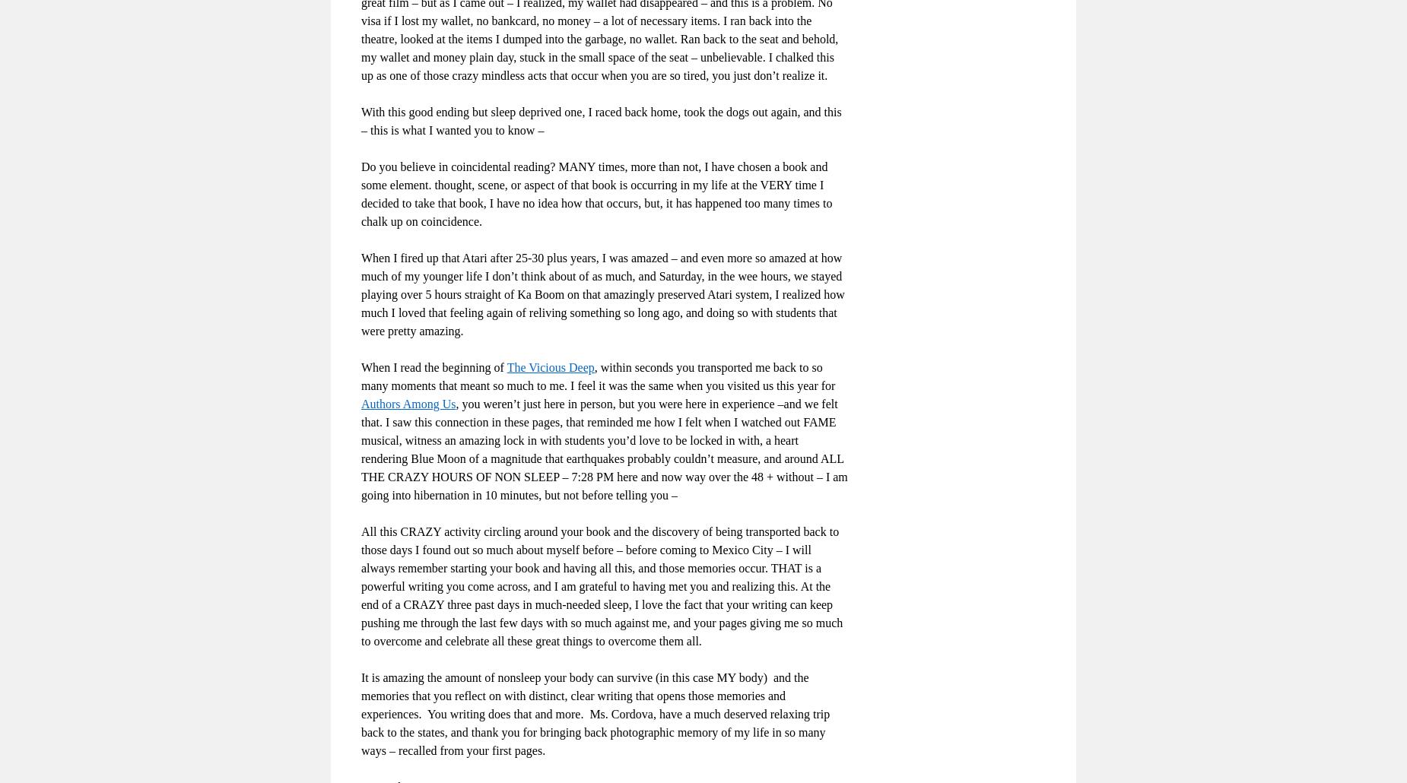 This screenshot has width=1407, height=783. I want to click on 'With this good ending but sleep deprived one, I raced back home, took the dogs out again, and this – this is what I wanted you to know –', so click(601, 119).